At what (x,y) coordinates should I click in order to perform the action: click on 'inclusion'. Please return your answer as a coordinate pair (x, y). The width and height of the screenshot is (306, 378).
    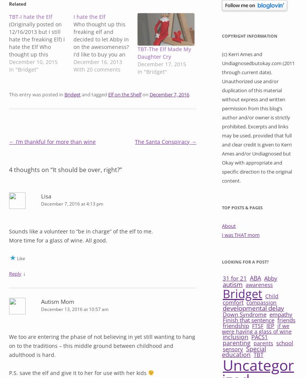
    Looking at the image, I should click on (235, 336).